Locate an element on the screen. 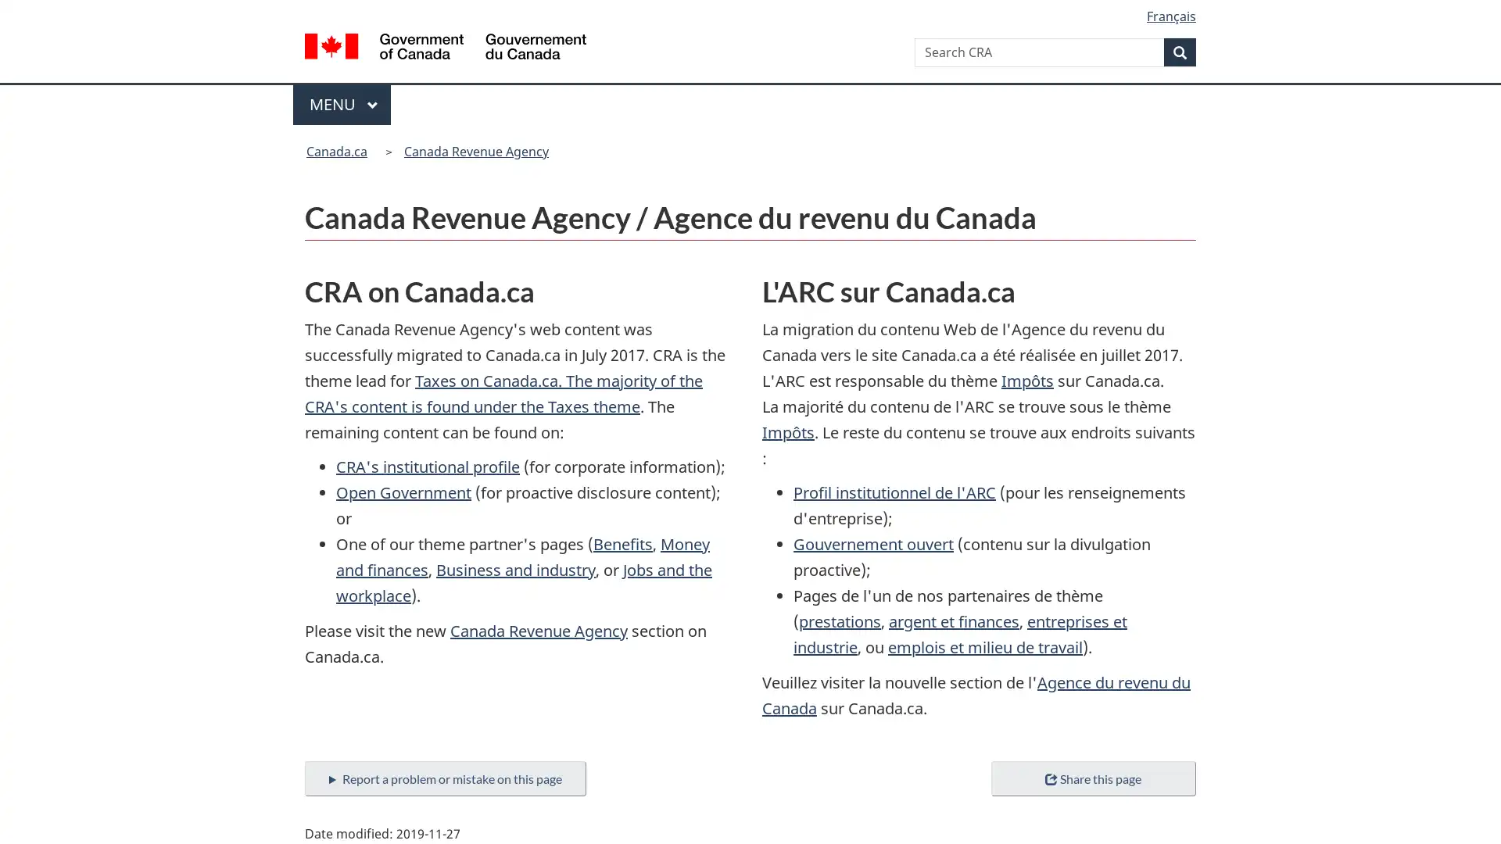  Search is located at coordinates (1180, 51).